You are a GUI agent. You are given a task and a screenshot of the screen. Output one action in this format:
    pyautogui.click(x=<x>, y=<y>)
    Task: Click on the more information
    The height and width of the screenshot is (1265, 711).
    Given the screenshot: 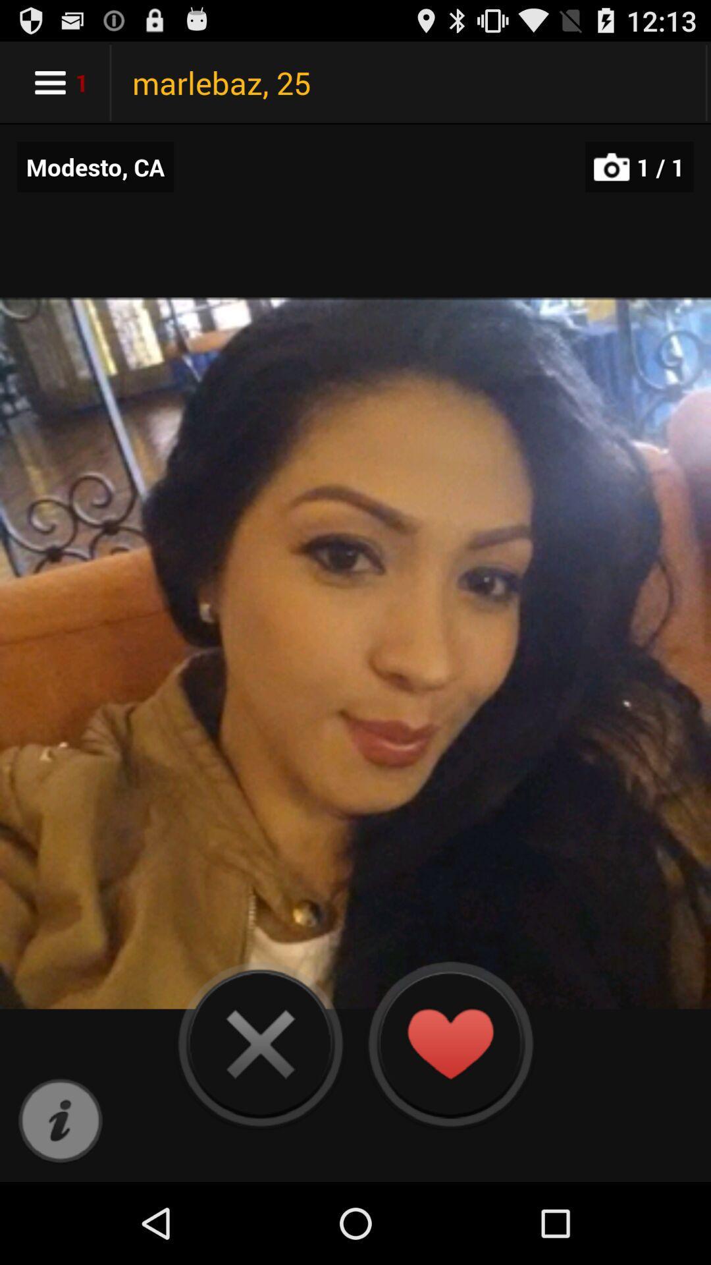 What is the action you would take?
    pyautogui.click(x=60, y=1121)
    